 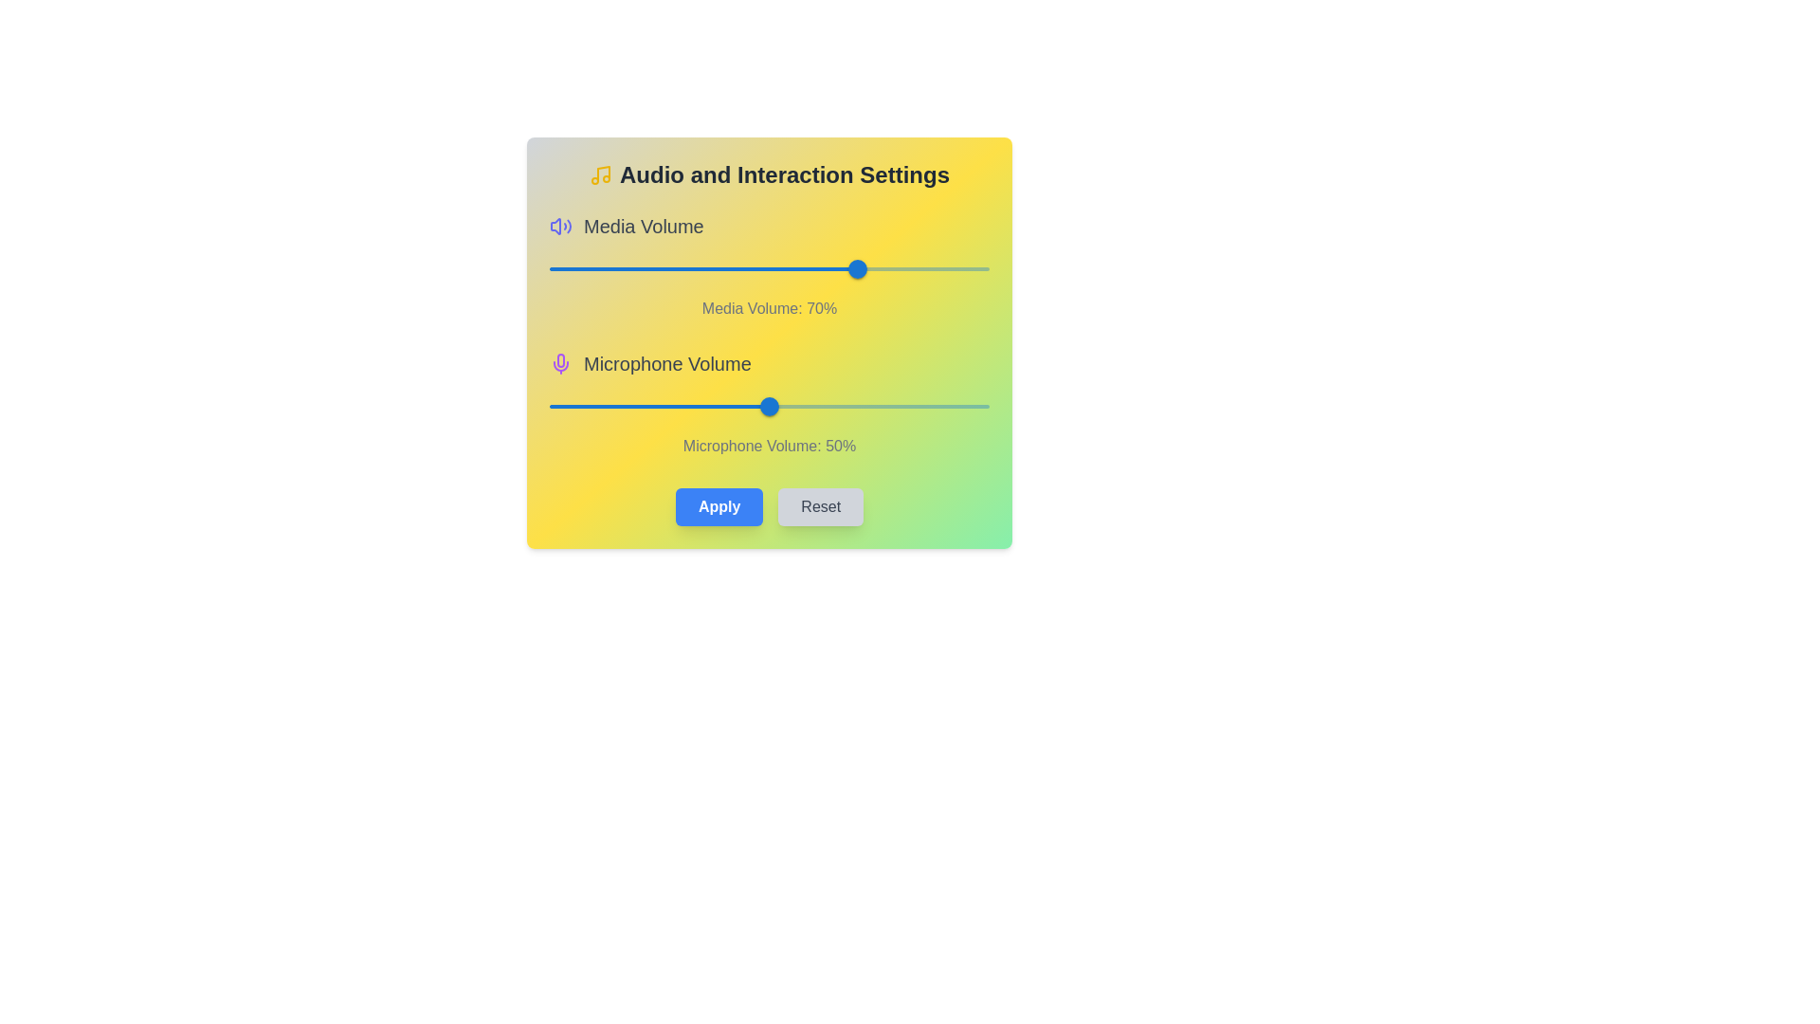 What do you see at coordinates (702, 269) in the screenshot?
I see `the red filled portion of the Progress bar that indicates the current volume level set at 70% of the 'Media Volume' slider` at bounding box center [702, 269].